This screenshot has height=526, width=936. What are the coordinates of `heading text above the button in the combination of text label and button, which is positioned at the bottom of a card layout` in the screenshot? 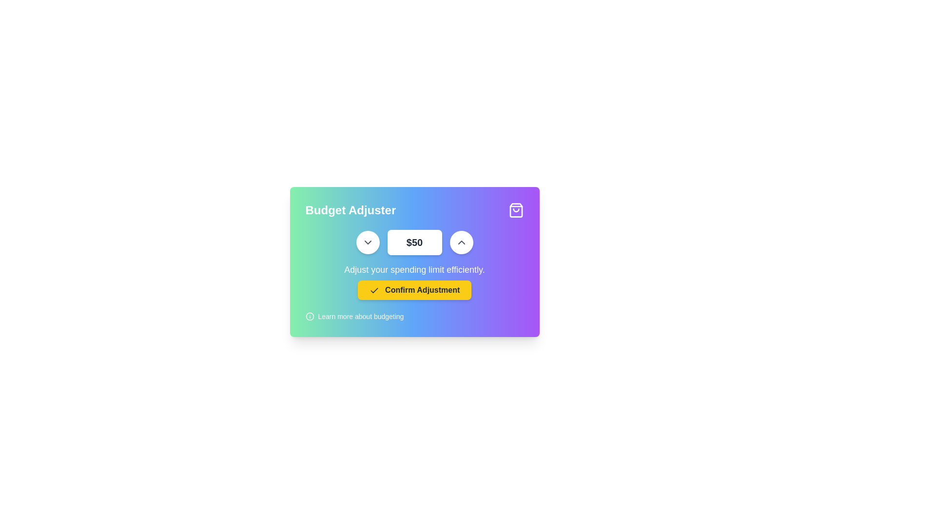 It's located at (414, 282).